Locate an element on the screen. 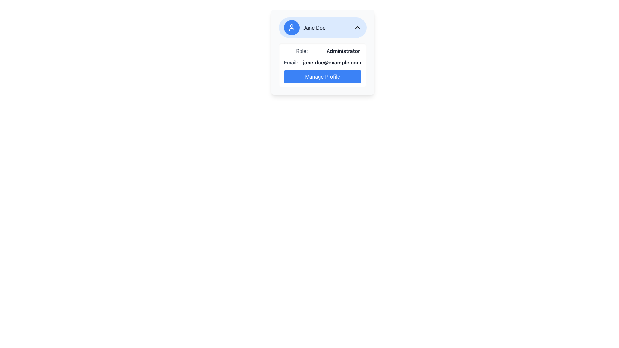 Image resolution: width=619 pixels, height=348 pixels. the static label displaying the email address 'jane.doe@example.com' which is styled in bold and darker color, located within the user profile card interface, to the right of 'Email:' and above the 'Manage Profile' button is located at coordinates (332, 62).